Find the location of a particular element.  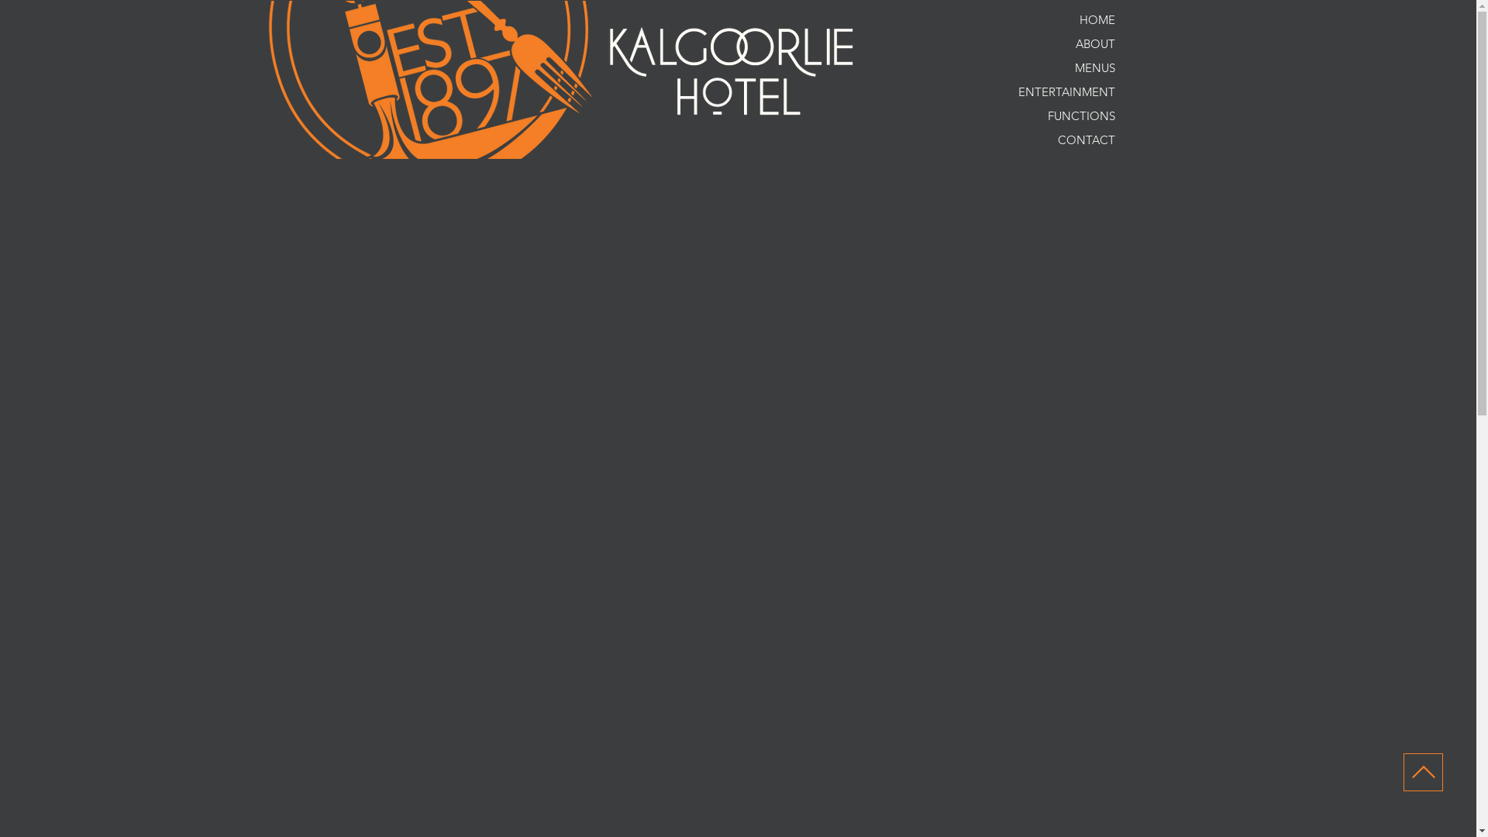

'ABOUT' is located at coordinates (1049, 43).